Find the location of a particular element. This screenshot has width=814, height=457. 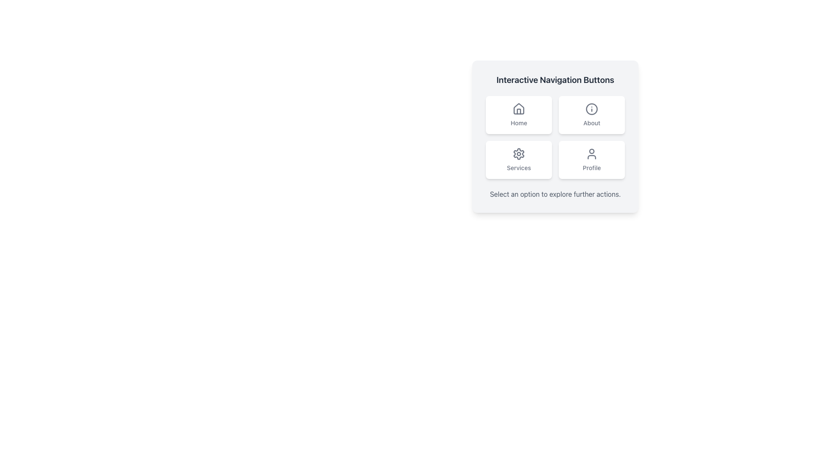

the circular icon with an inner exclamation mark that is part of the 'About' button in the second position of the top row within a 2x2 grid of buttons is located at coordinates (591, 109).